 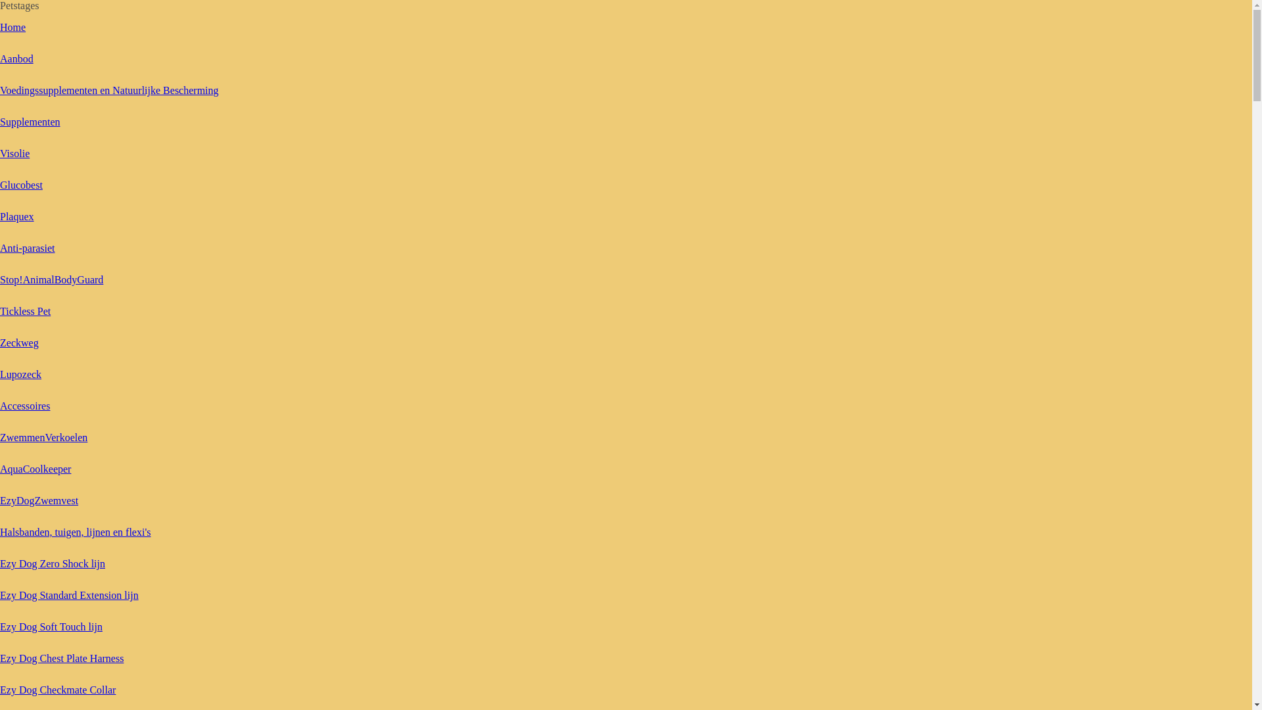 What do you see at coordinates (0, 279) in the screenshot?
I see `'Stop!AnimalBodyGuard'` at bounding box center [0, 279].